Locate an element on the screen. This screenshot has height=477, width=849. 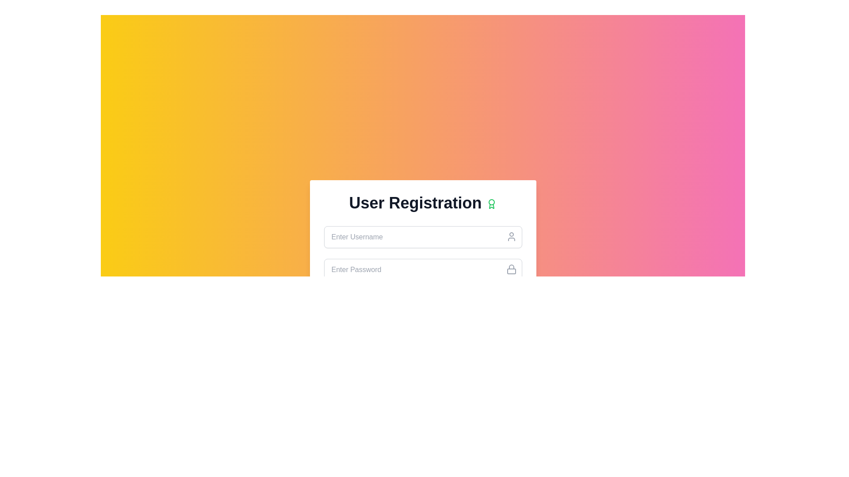
the Decorative icon element that visually represents a lock's body, indicating security or password input functionality is located at coordinates (511, 271).